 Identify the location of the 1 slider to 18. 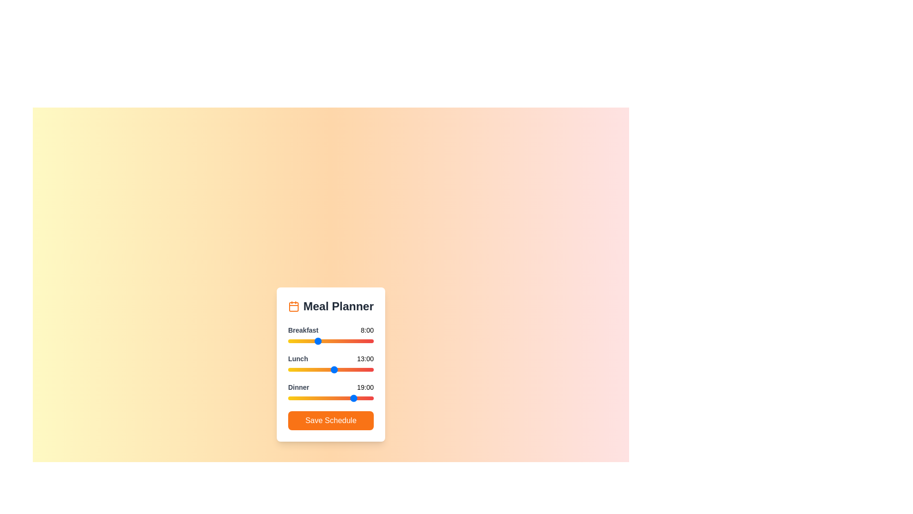
(351, 369).